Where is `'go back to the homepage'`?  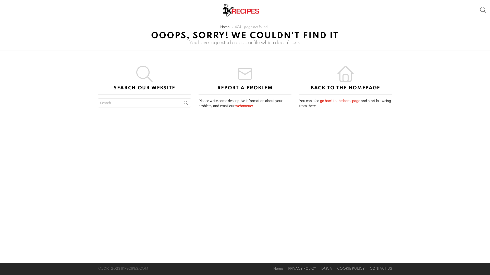 'go back to the homepage' is located at coordinates (320, 101).